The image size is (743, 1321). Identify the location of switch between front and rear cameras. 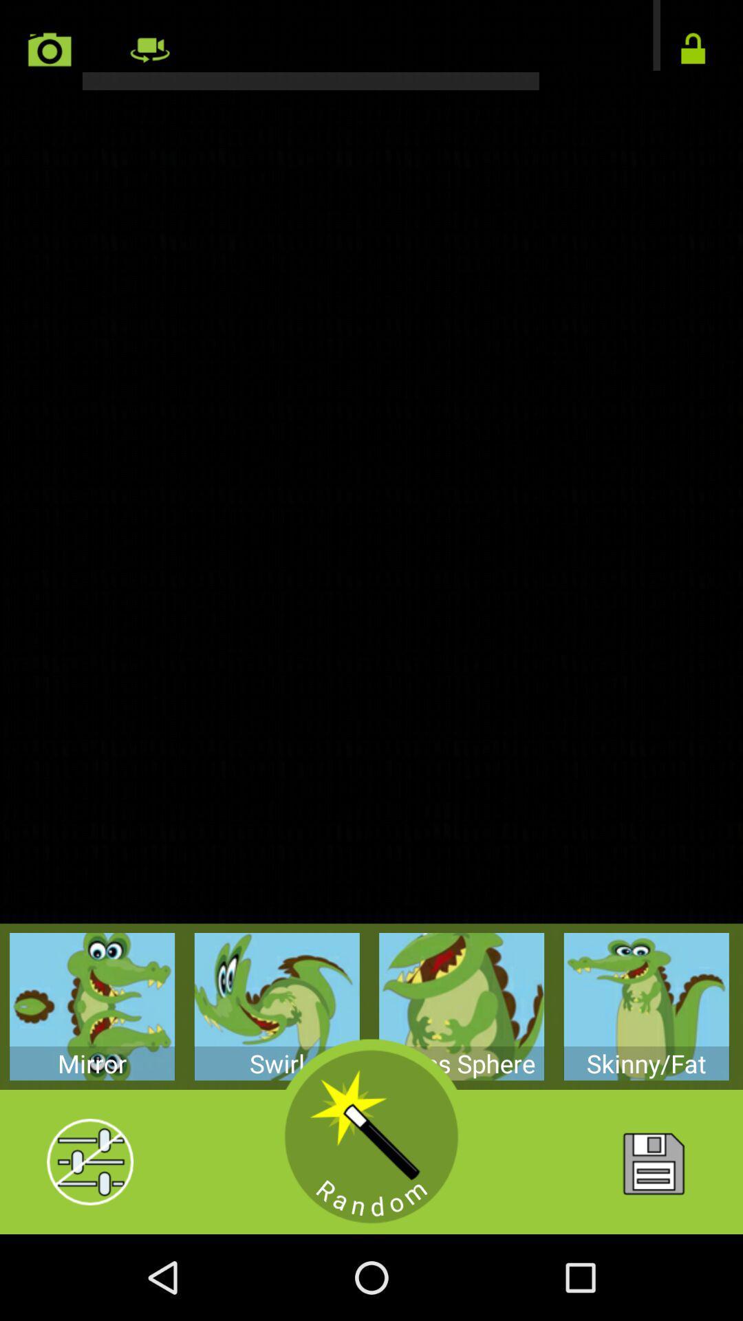
(371, 45).